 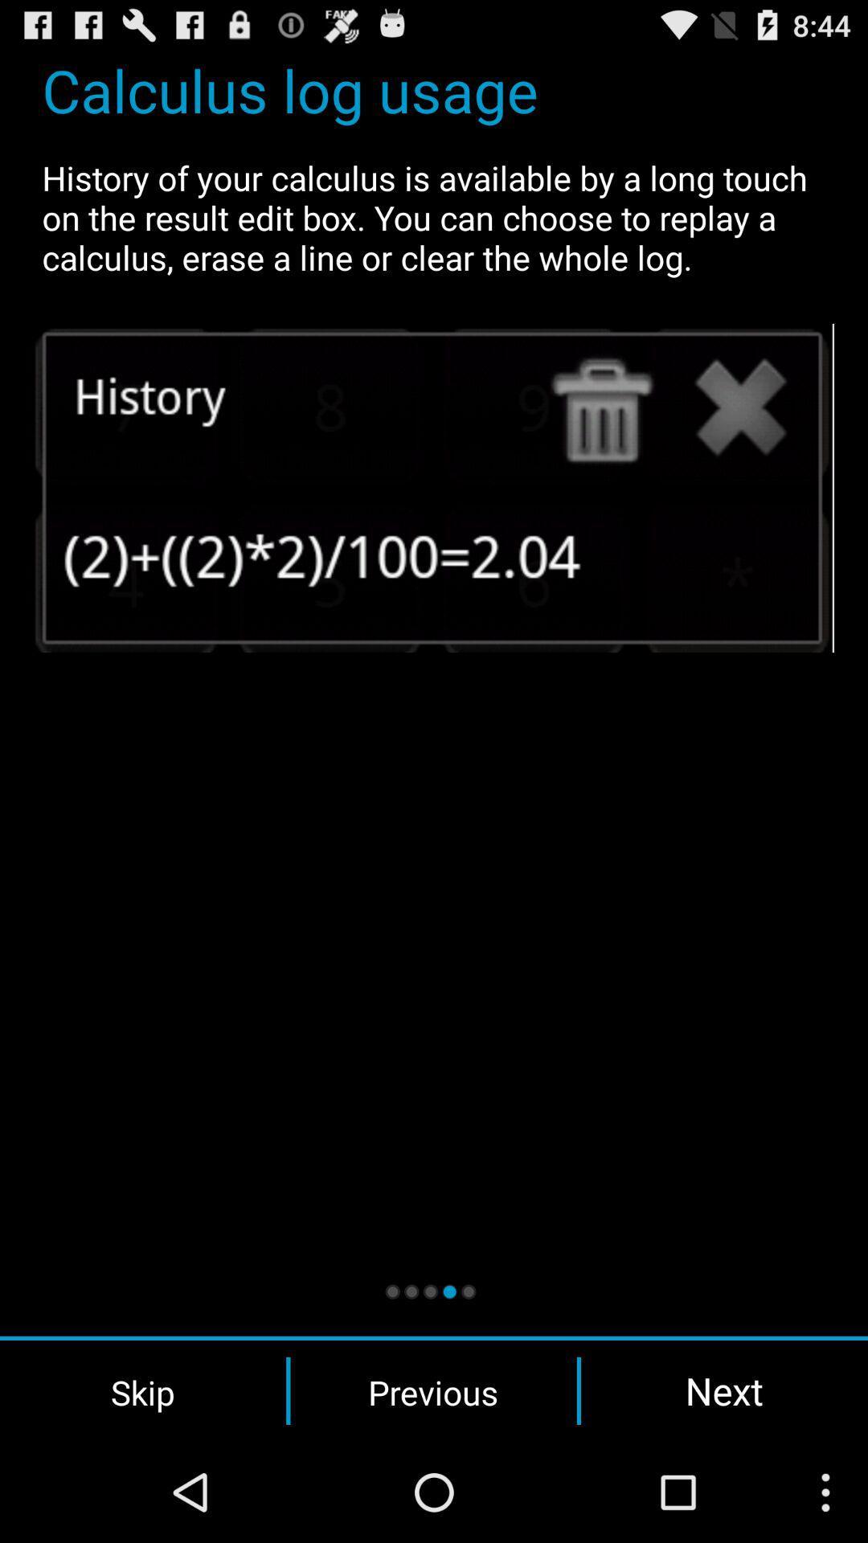 I want to click on next icon, so click(x=724, y=1390).